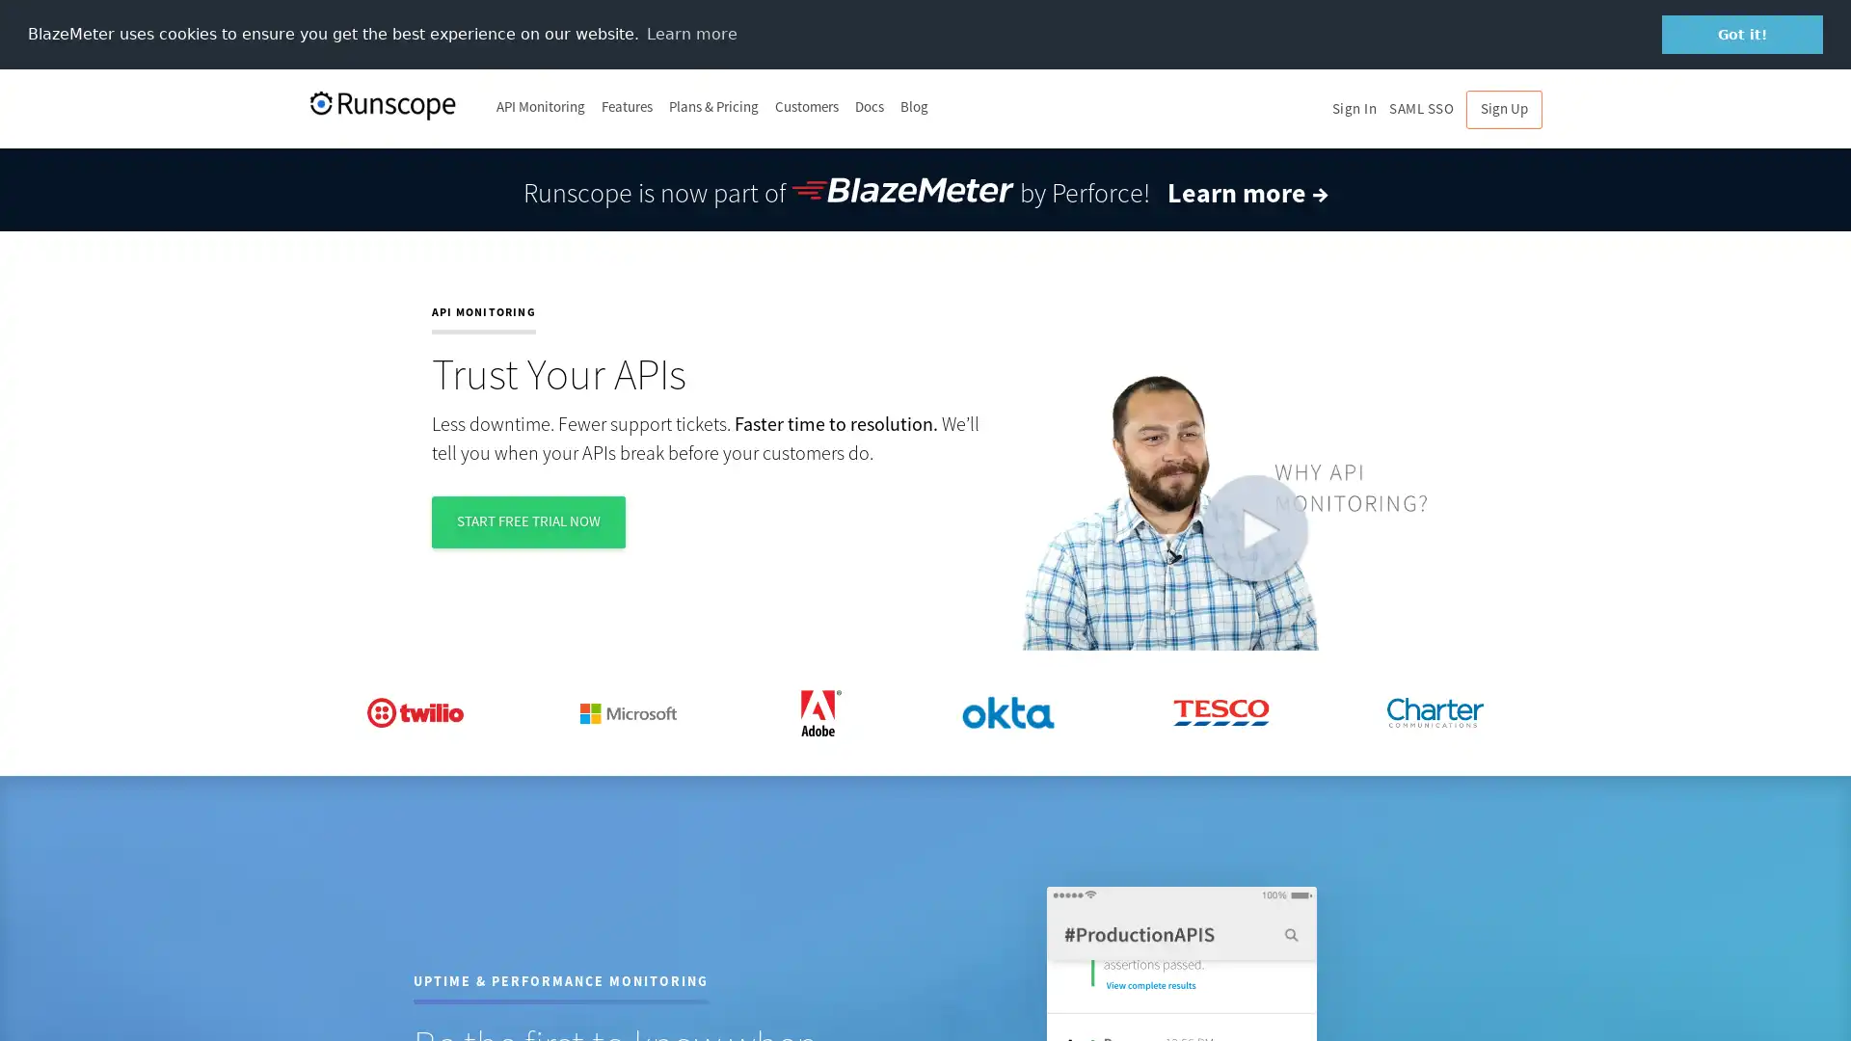  What do you see at coordinates (1742, 34) in the screenshot?
I see `dismiss cookie message` at bounding box center [1742, 34].